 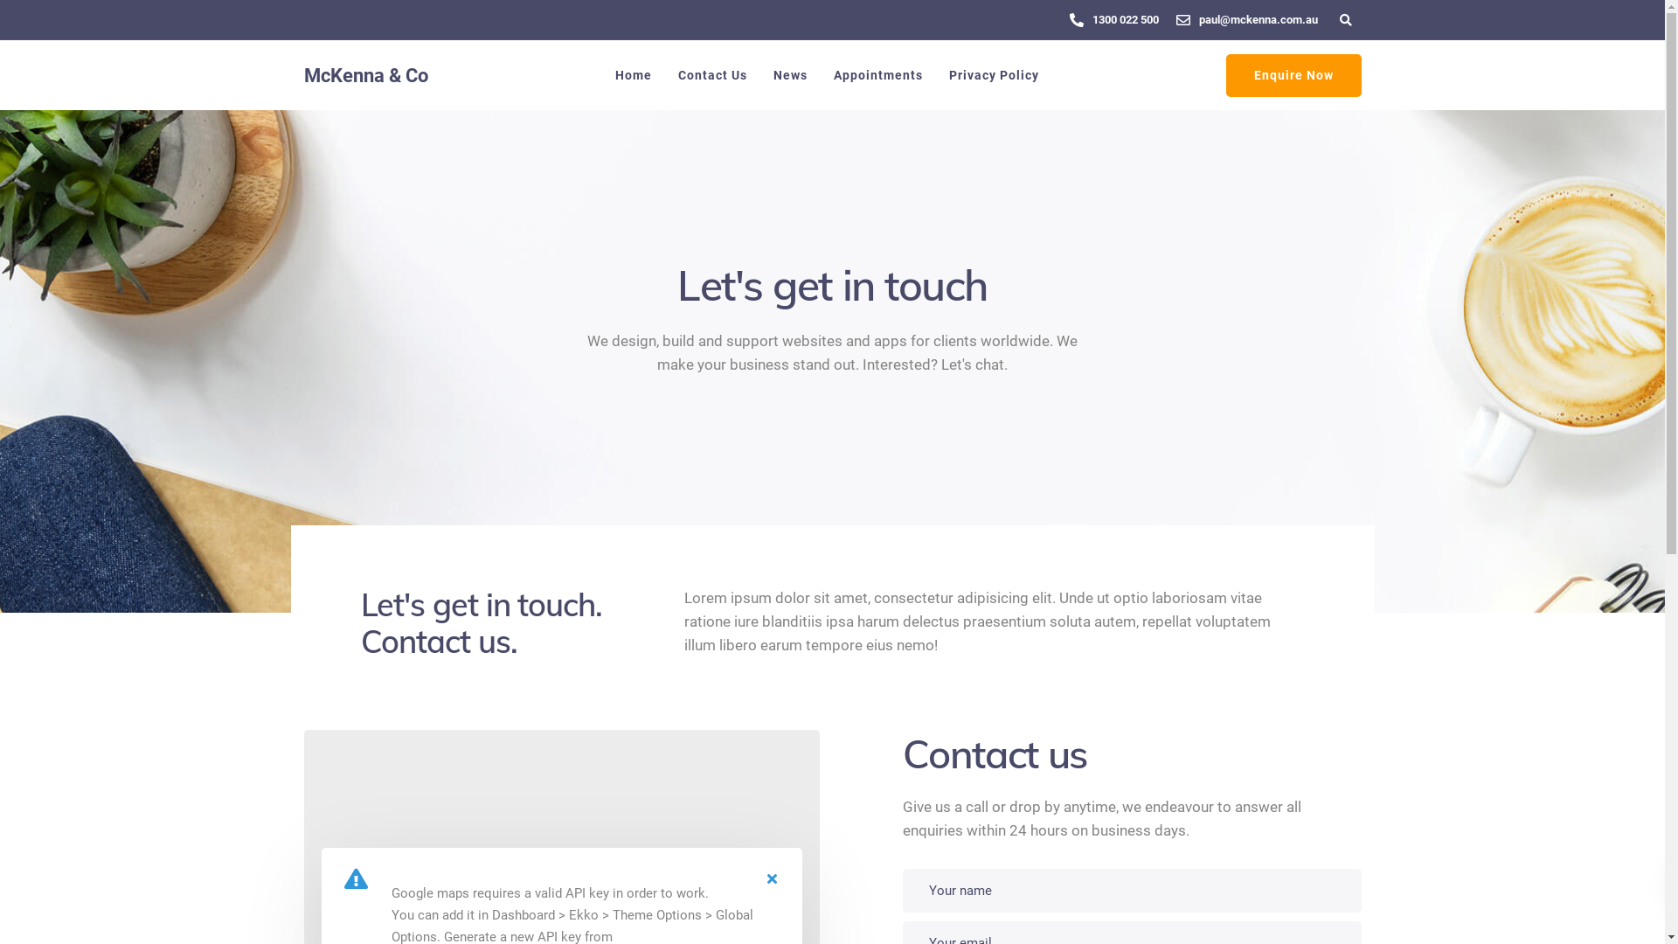 What do you see at coordinates (818, 73) in the screenshot?
I see `'Appointments'` at bounding box center [818, 73].